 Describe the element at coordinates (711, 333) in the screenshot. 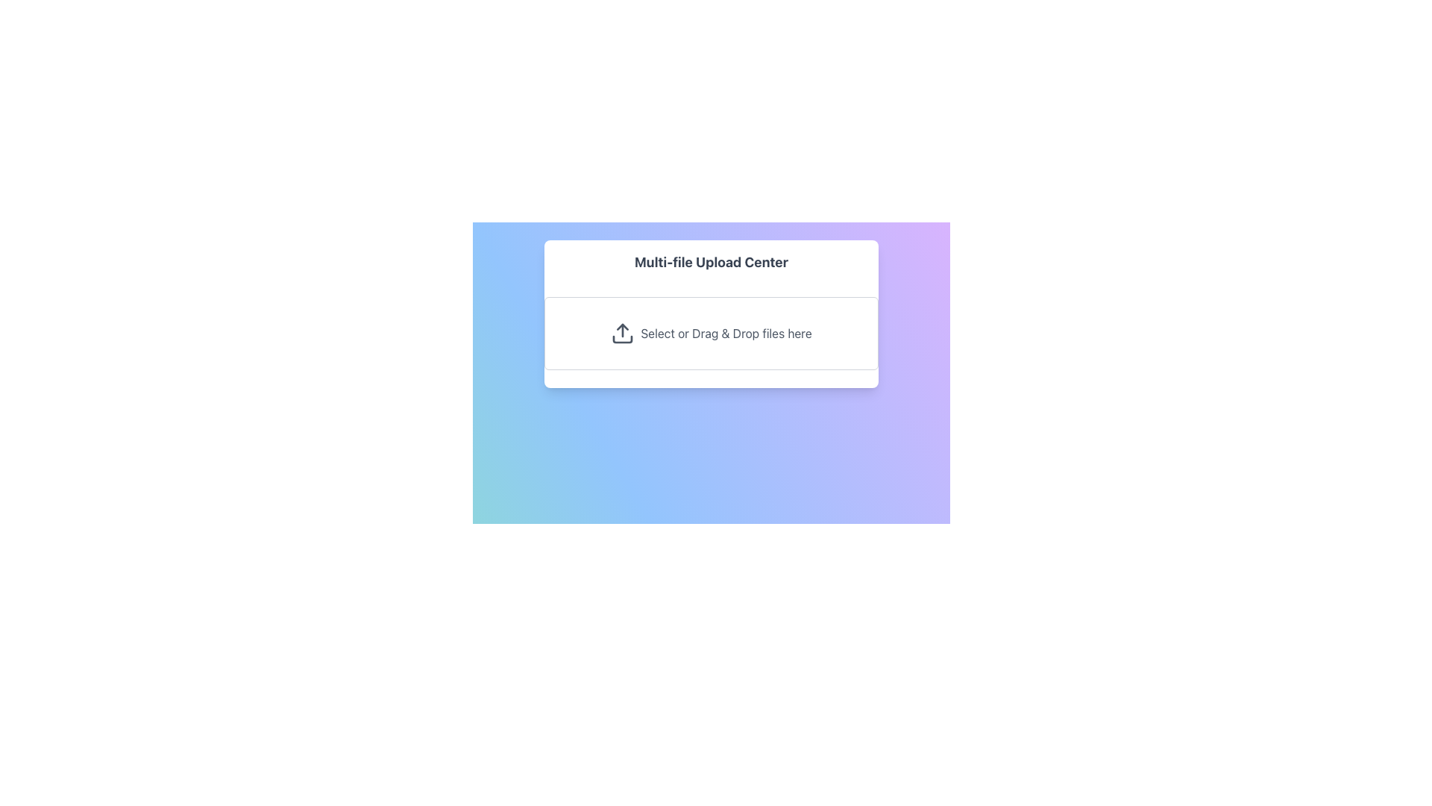

I see `files over the central file upload area located within the 'Multi-file Upload Center' panel` at that location.